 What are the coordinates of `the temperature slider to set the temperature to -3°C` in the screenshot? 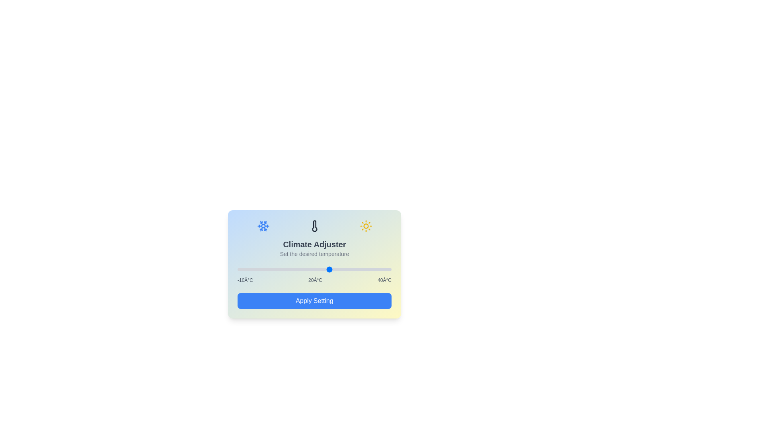 It's located at (259, 269).